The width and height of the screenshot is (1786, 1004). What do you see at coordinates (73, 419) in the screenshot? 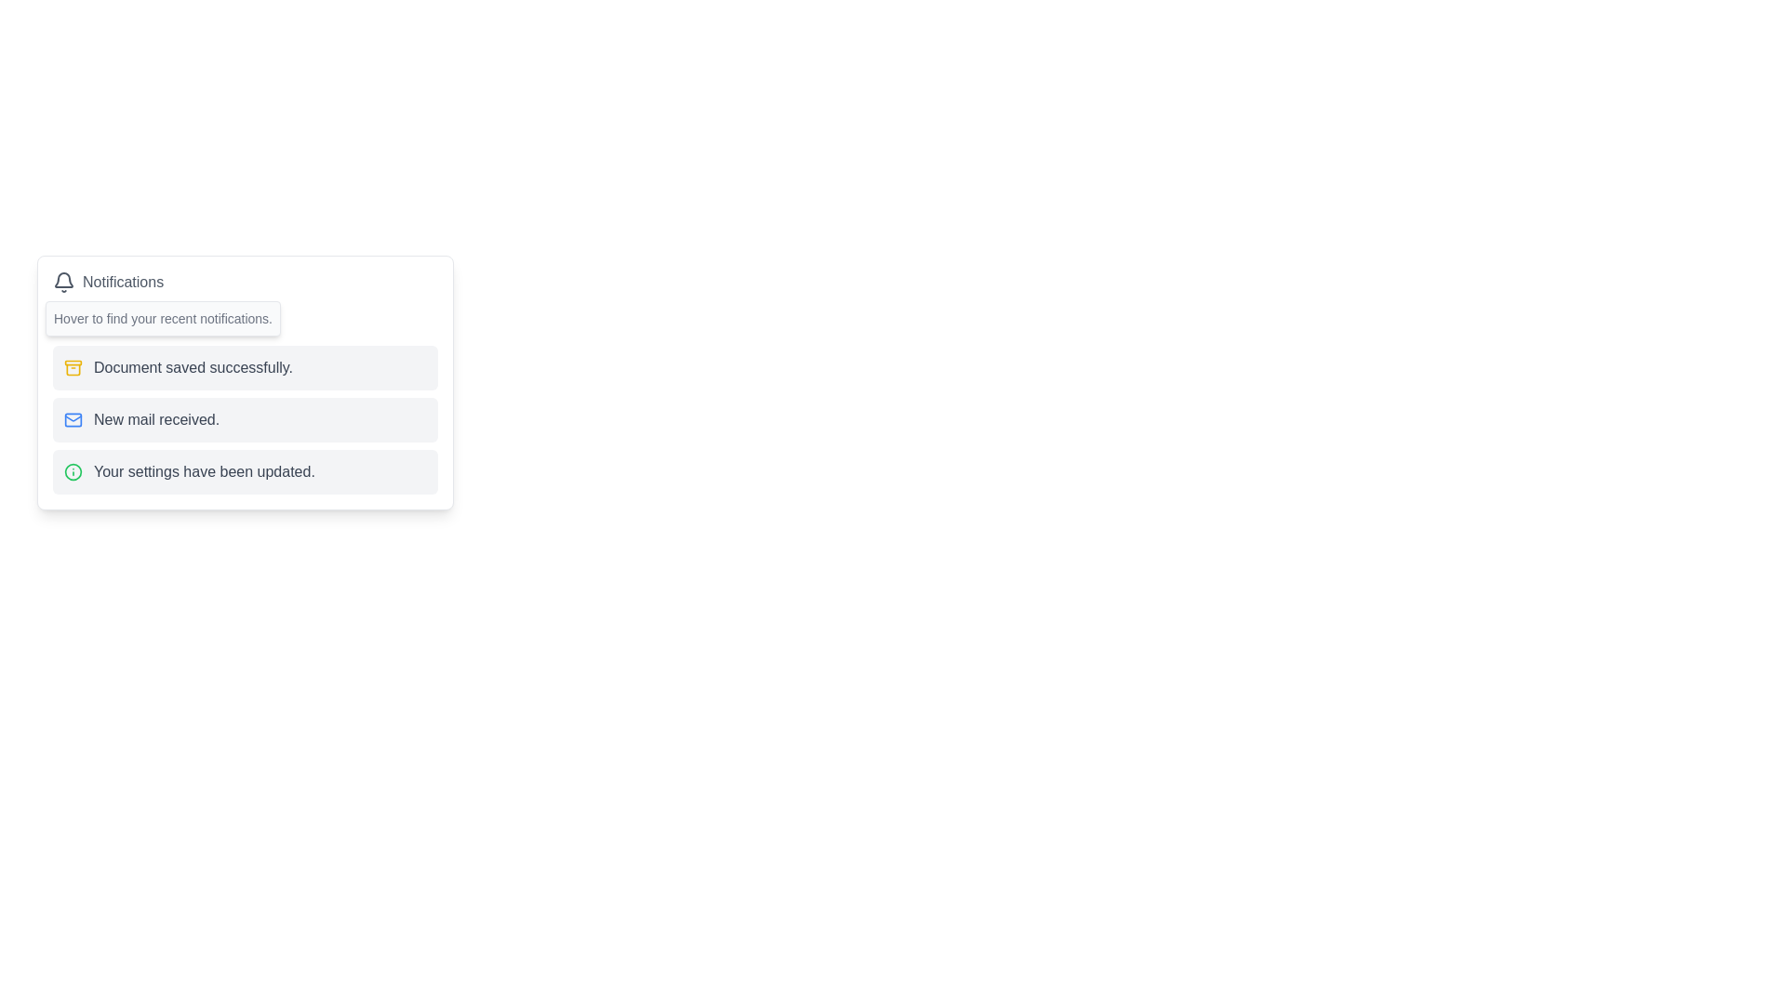
I see `the envelope icon in the notification panel that indicates a new mail message` at bounding box center [73, 419].